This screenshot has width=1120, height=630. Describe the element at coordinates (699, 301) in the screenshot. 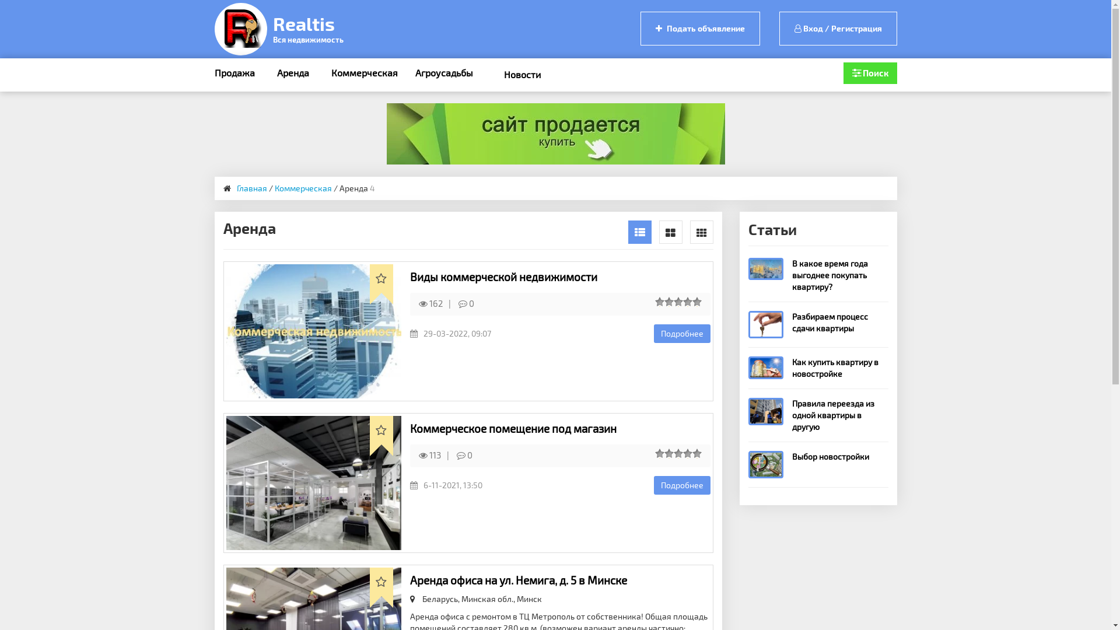

I see `'5'` at that location.